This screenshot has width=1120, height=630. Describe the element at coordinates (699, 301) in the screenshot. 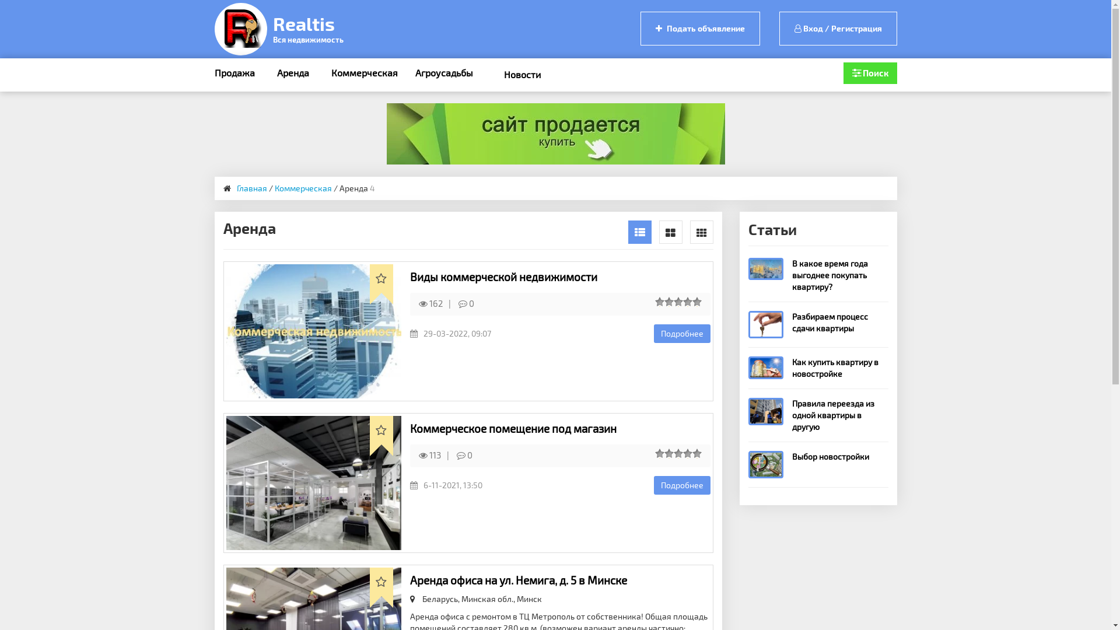

I see `'5'` at that location.